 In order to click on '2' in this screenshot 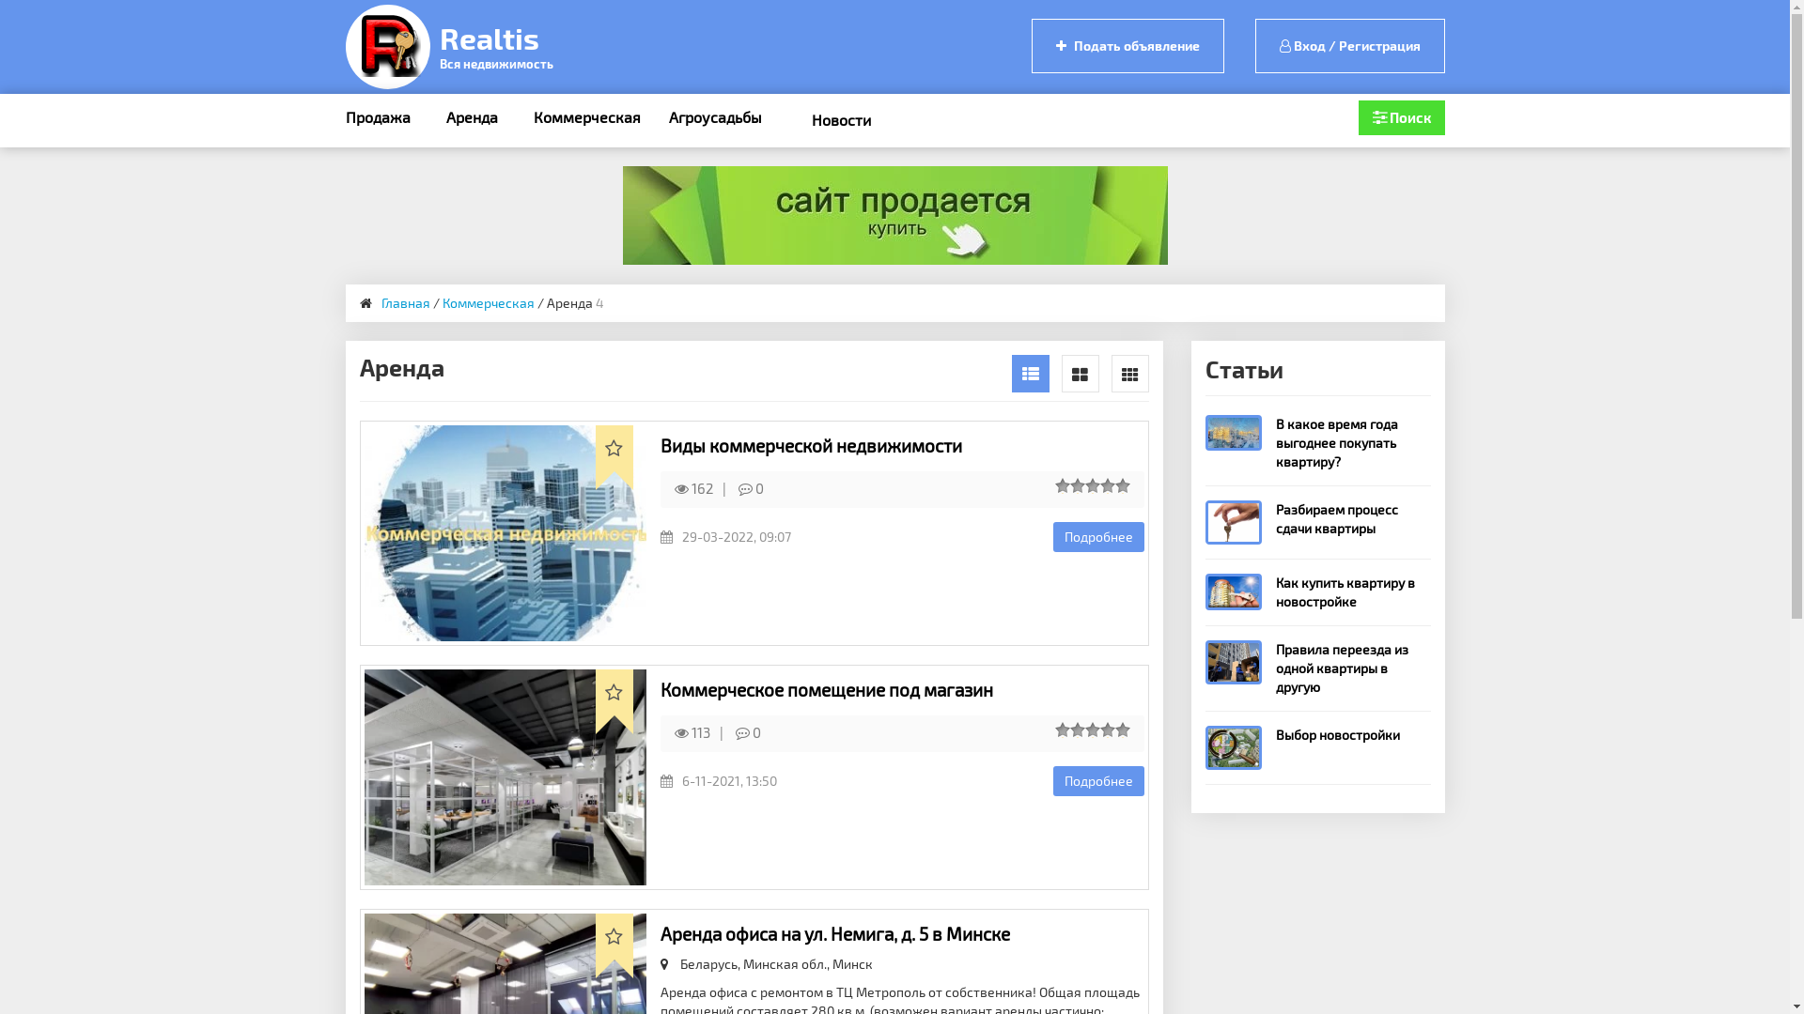, I will do `click(1079, 484)`.